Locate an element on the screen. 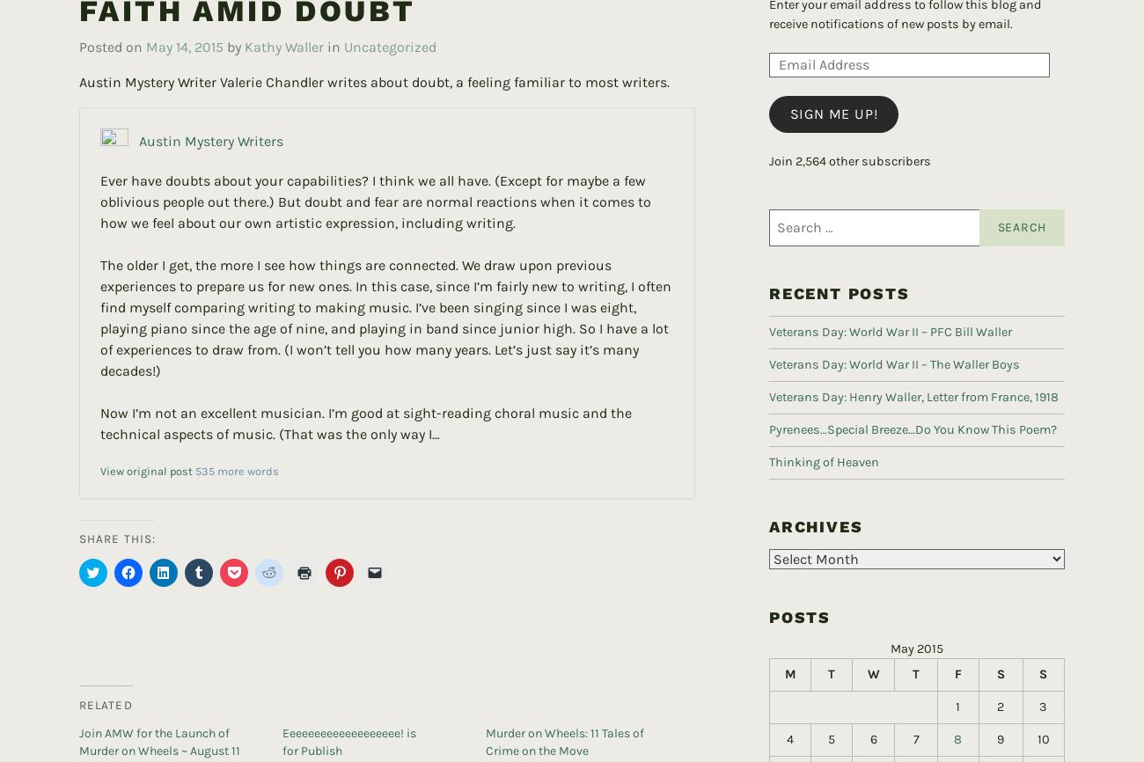  'Ever have doubts about your capabilities? I think we all have. (Except for maybe a few oblivious people out there.) But doubt and fear are normal reactions when it comes to how we feel about our own artistic expression, including writing.' is located at coordinates (376, 173).